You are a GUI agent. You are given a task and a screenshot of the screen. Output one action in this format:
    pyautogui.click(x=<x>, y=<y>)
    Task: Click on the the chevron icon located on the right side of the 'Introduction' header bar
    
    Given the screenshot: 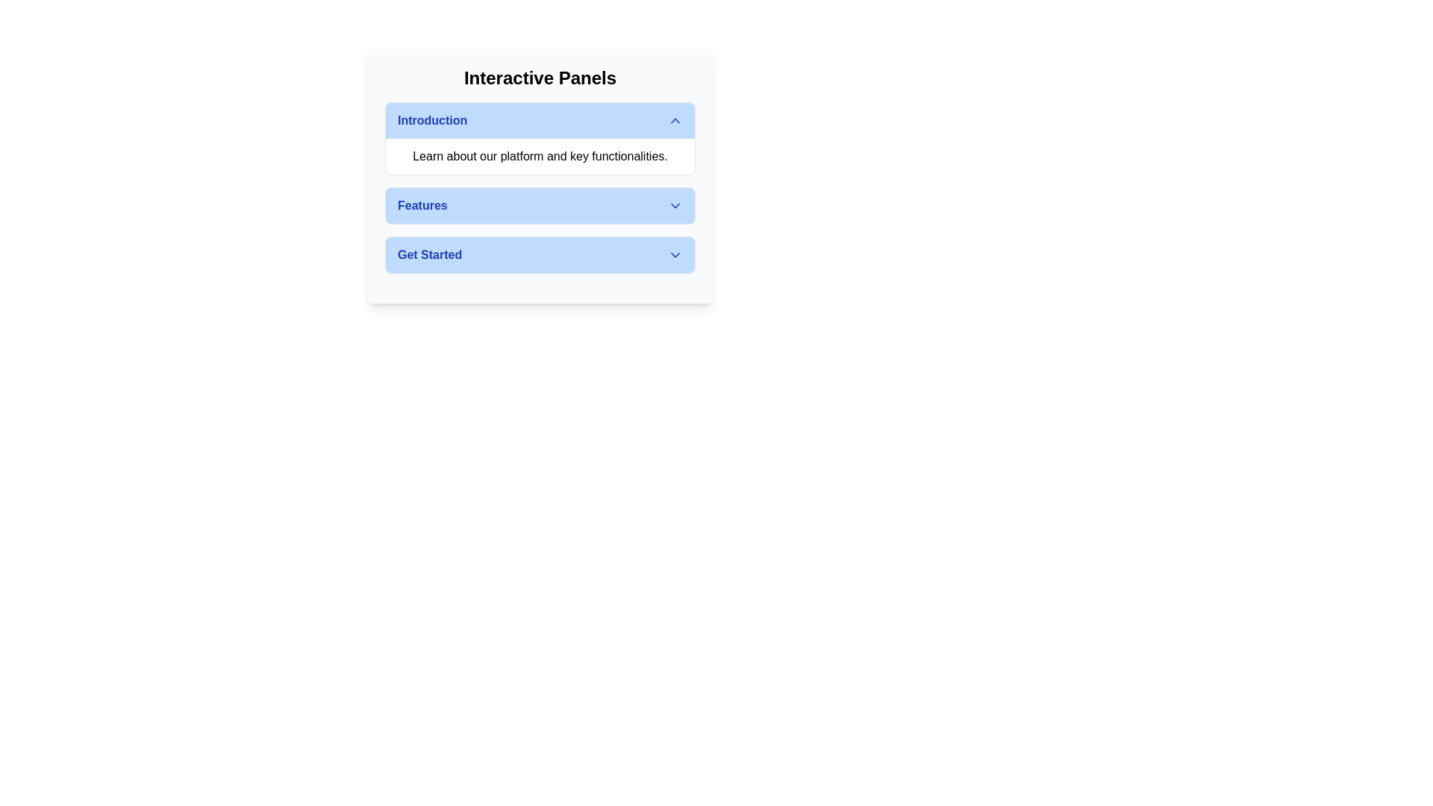 What is the action you would take?
    pyautogui.click(x=675, y=120)
    